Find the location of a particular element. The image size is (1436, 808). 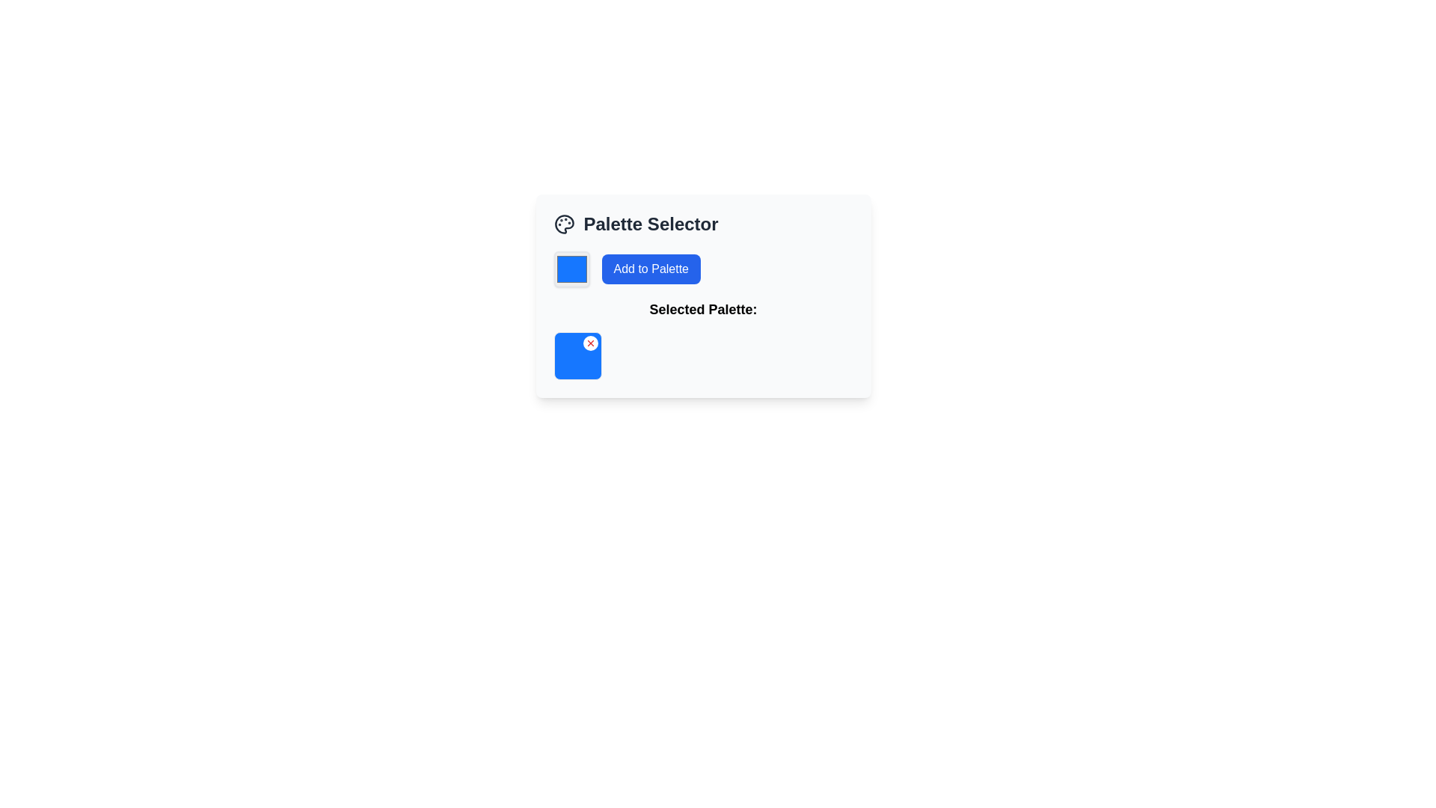

the decorative icon representing the theme of palettes or artistic color selection located in the top-left of the interface, to the left of the 'Palette Selector' title text is located at coordinates (563, 224).